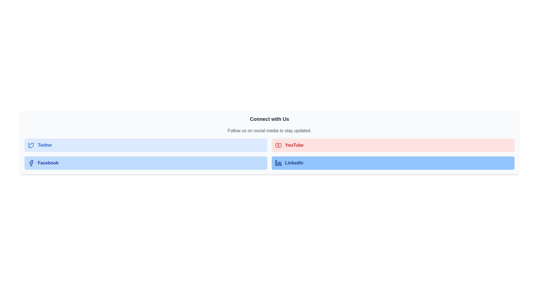  Describe the element at coordinates (294, 162) in the screenshot. I see `text element displaying 'LinkedIn' in bold blue font, located in the bottom-right corner of the social media connectivity links section` at that location.